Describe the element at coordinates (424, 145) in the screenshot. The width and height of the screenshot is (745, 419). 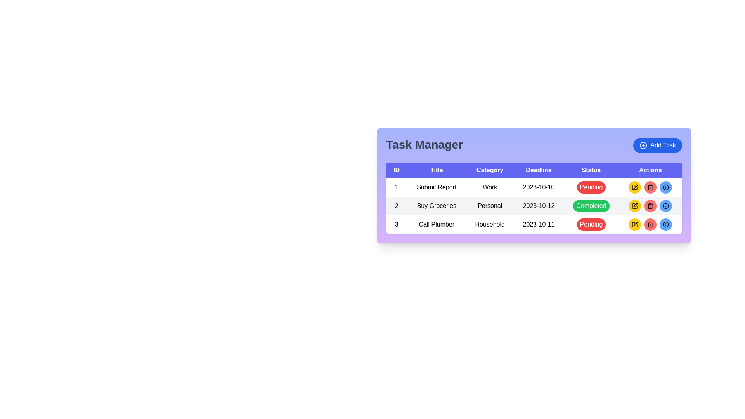
I see `the bold, large-sized 'Task Manager' text heading in gray color located in the top-left corner of the header section` at that location.